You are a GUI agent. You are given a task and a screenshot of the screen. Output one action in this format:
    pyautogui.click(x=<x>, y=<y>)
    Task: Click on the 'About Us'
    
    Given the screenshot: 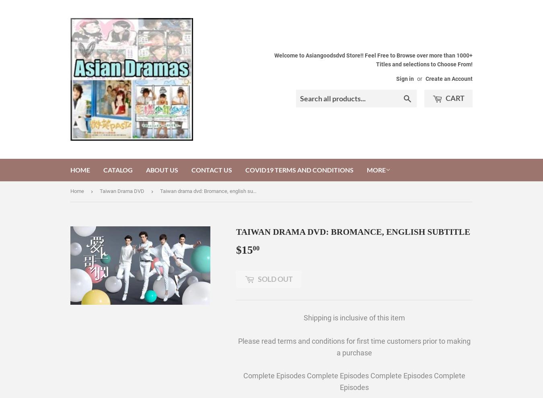 What is the action you would take?
    pyautogui.click(x=162, y=169)
    